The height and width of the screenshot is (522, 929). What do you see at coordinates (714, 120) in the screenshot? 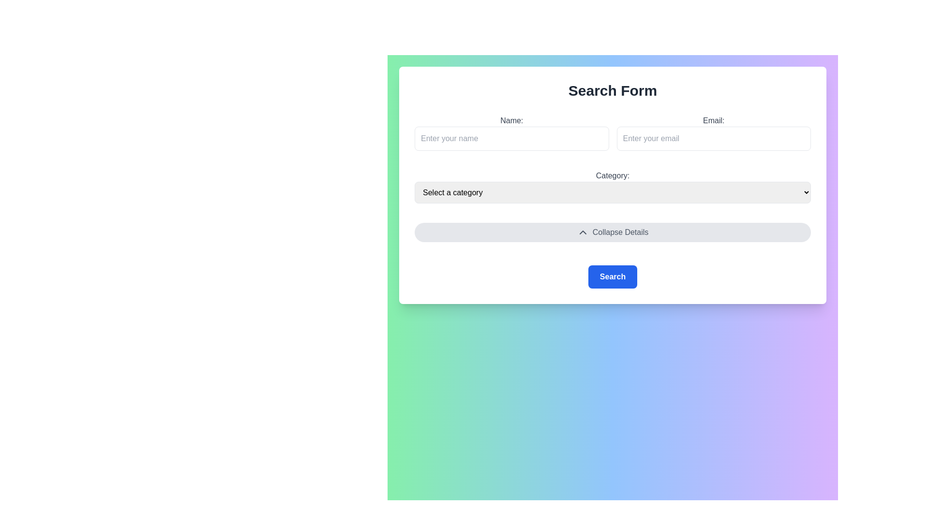
I see `the 'Email:' label, which is a medium-sized, gray-colored text label positioned at the top of the input field section of a form, directly adjacent to the 'Name:' input box` at bounding box center [714, 120].